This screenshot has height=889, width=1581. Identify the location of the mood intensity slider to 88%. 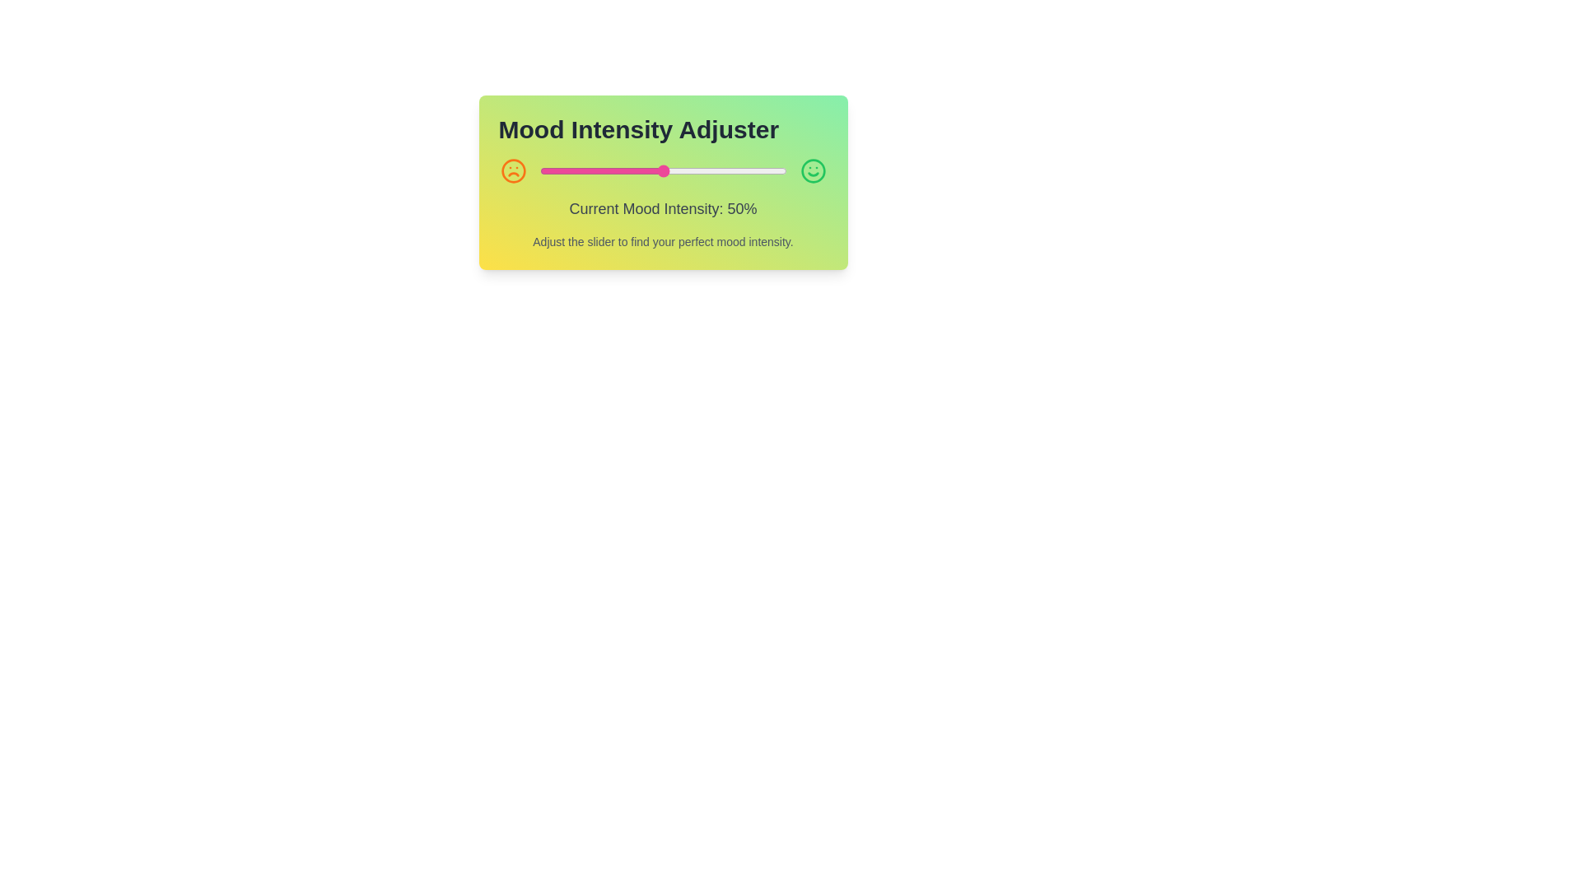
(756, 171).